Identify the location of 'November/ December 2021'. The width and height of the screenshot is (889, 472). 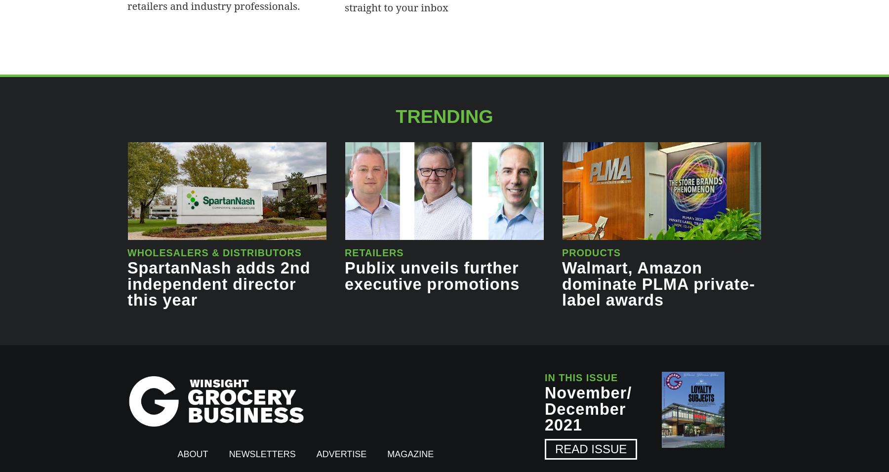
(588, 408).